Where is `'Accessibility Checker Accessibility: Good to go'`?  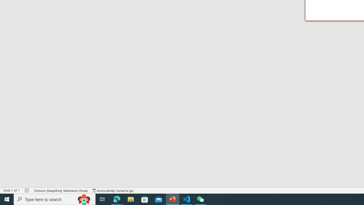 'Accessibility Checker Accessibility: Good to go' is located at coordinates (113, 190).